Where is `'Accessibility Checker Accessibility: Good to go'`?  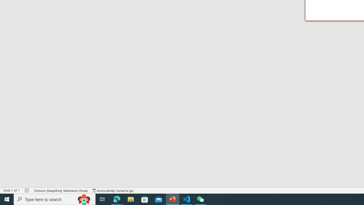 'Accessibility Checker Accessibility: Good to go' is located at coordinates (113, 190).